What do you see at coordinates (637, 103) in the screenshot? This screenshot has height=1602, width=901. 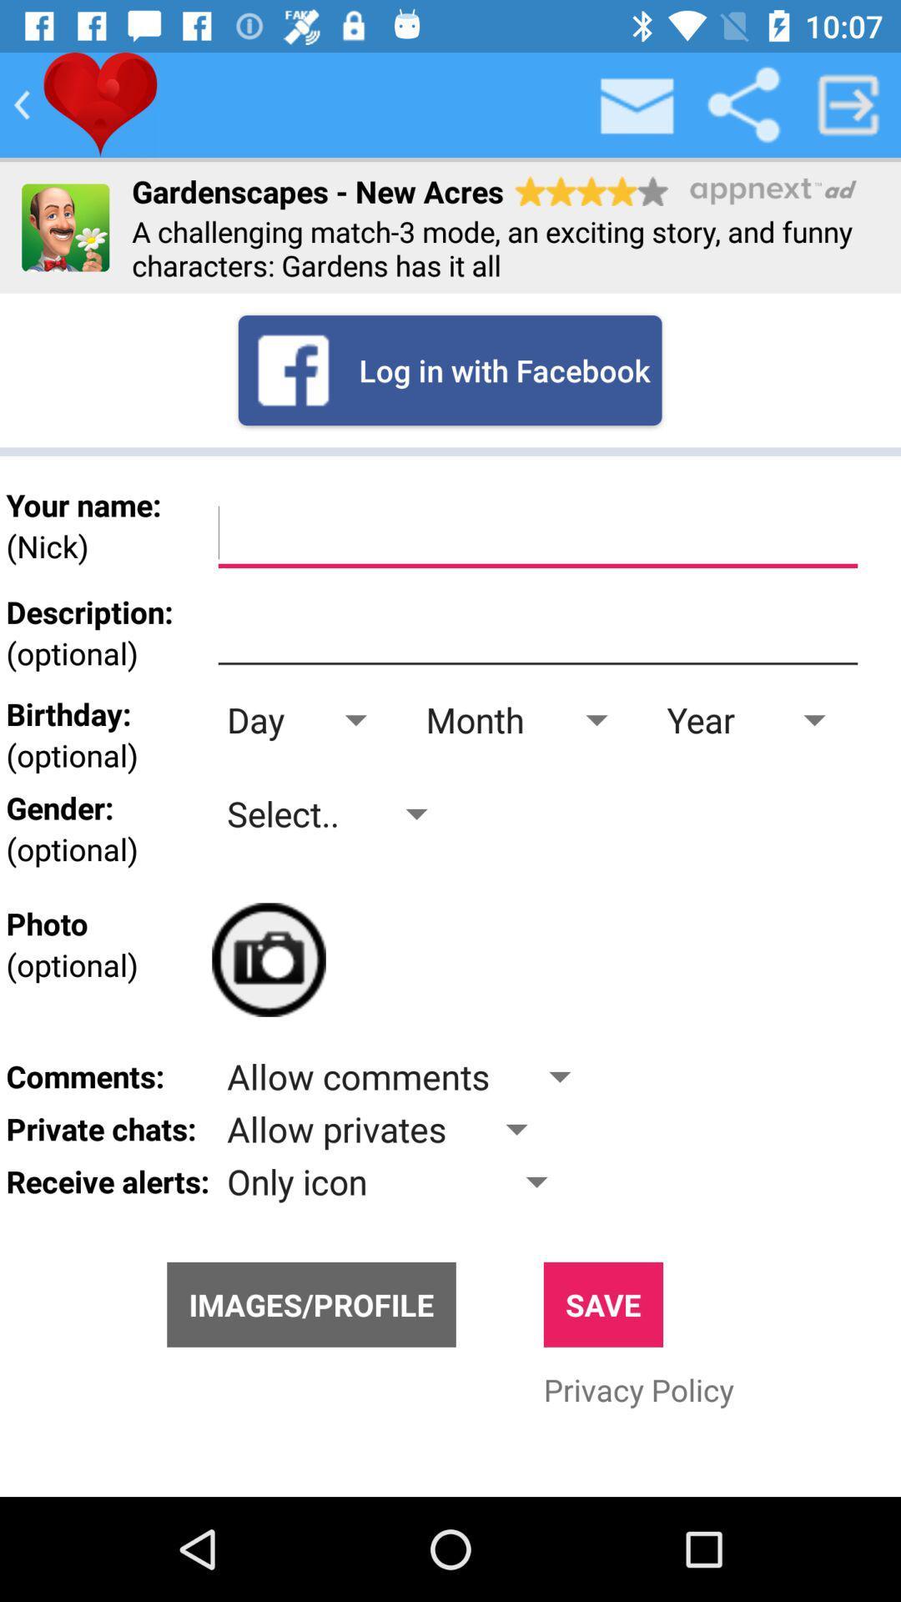 I see `inbox button` at bounding box center [637, 103].